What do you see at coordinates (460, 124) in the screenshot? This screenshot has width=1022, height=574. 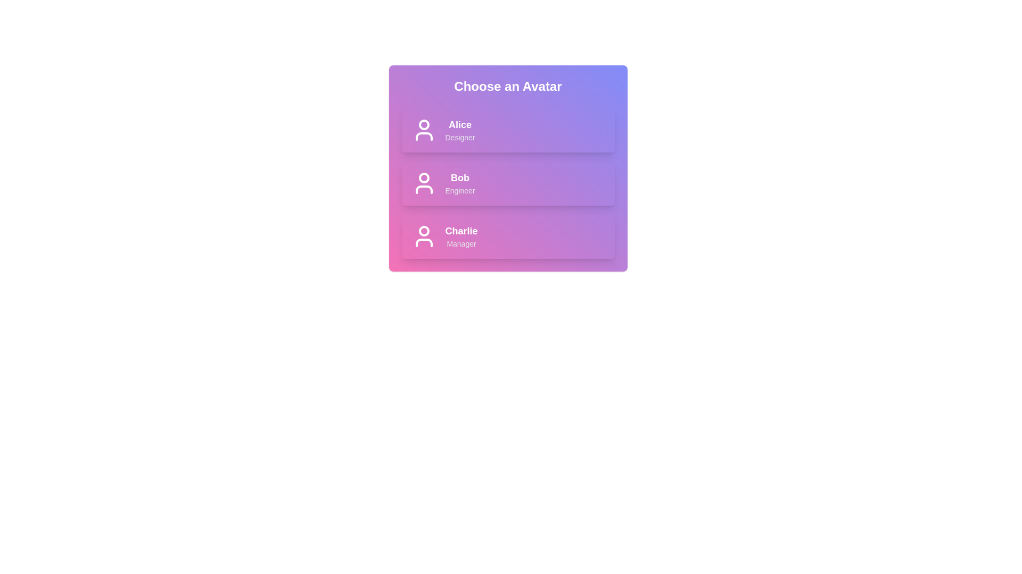 I see `the text label 'Alice' which is styled with a larger bold font in white on a purple background, located in the top row under 'Choose an Avatar' and to the right of the person icon` at bounding box center [460, 124].